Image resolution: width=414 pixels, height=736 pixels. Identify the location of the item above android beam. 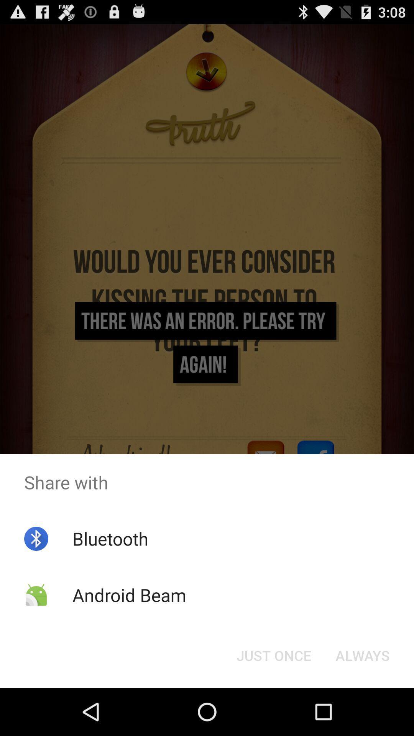
(110, 538).